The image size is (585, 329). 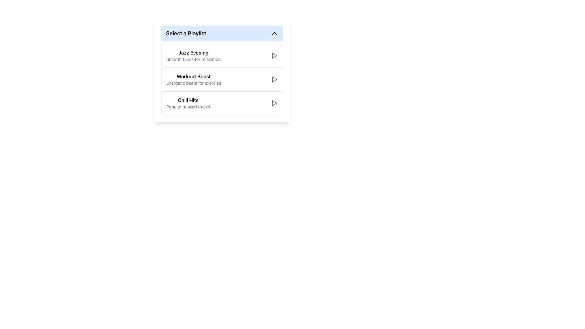 What do you see at coordinates (222, 70) in the screenshot?
I see `the 'Workout Boost' playlist option card, which is the second item in the playlist list under 'Select a Playlist'` at bounding box center [222, 70].